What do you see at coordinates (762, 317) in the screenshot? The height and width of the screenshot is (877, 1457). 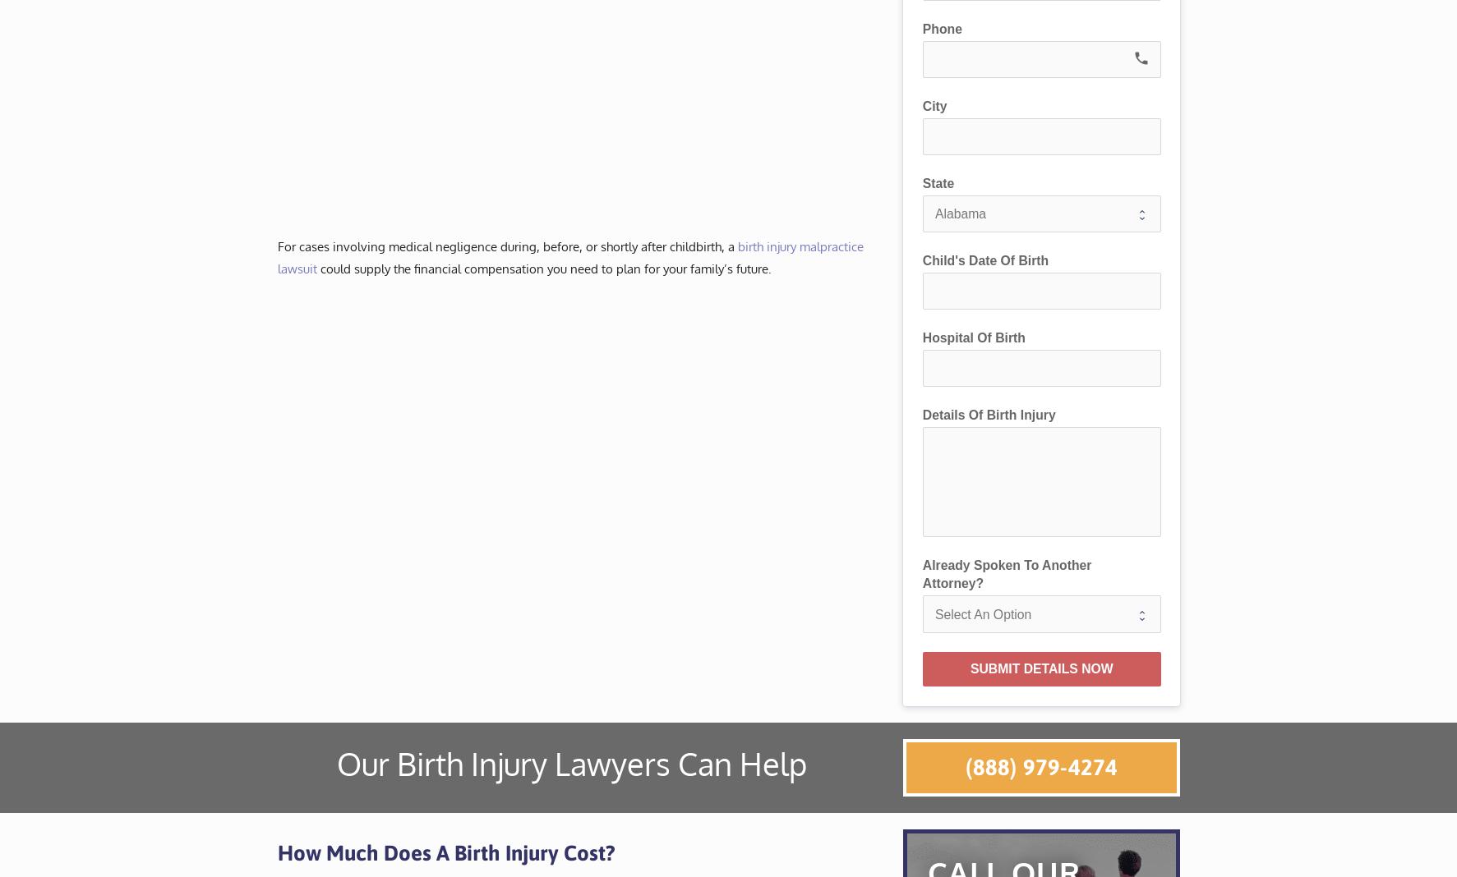 I see `'New Hampshire'` at bounding box center [762, 317].